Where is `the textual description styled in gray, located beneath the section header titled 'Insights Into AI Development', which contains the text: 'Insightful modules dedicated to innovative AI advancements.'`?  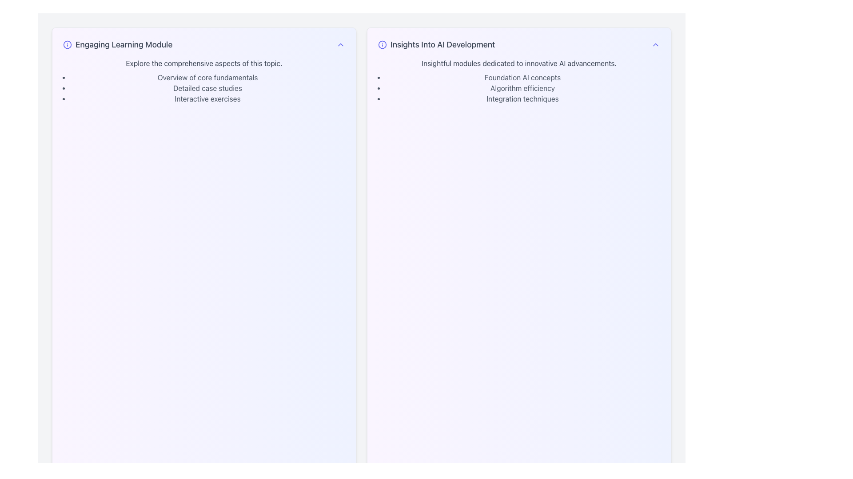 the textual description styled in gray, located beneath the section header titled 'Insights Into AI Development', which contains the text: 'Insightful modules dedicated to innovative AI advancements.' is located at coordinates (519, 63).